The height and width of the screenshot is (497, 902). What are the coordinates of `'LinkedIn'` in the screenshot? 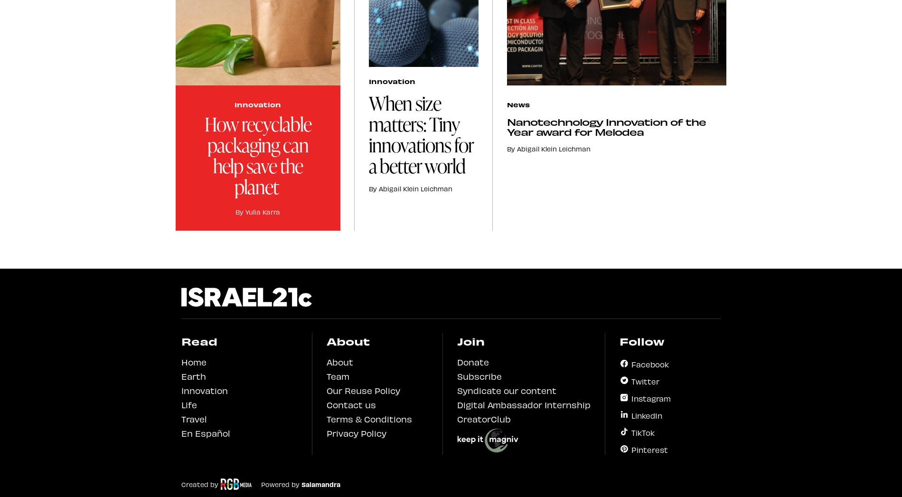 It's located at (646, 414).